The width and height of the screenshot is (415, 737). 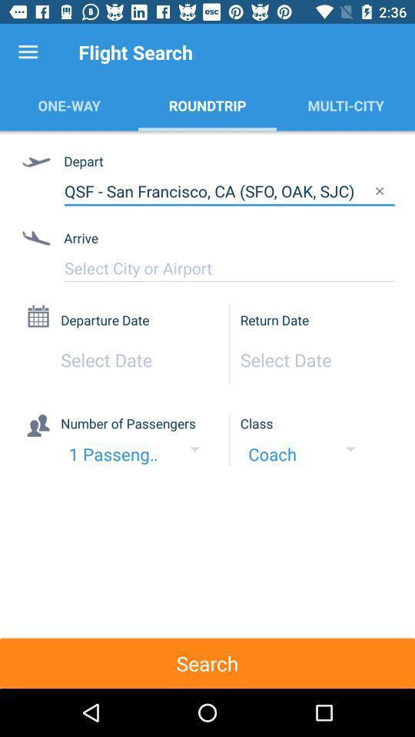 I want to click on type your arrival, so click(x=228, y=268).